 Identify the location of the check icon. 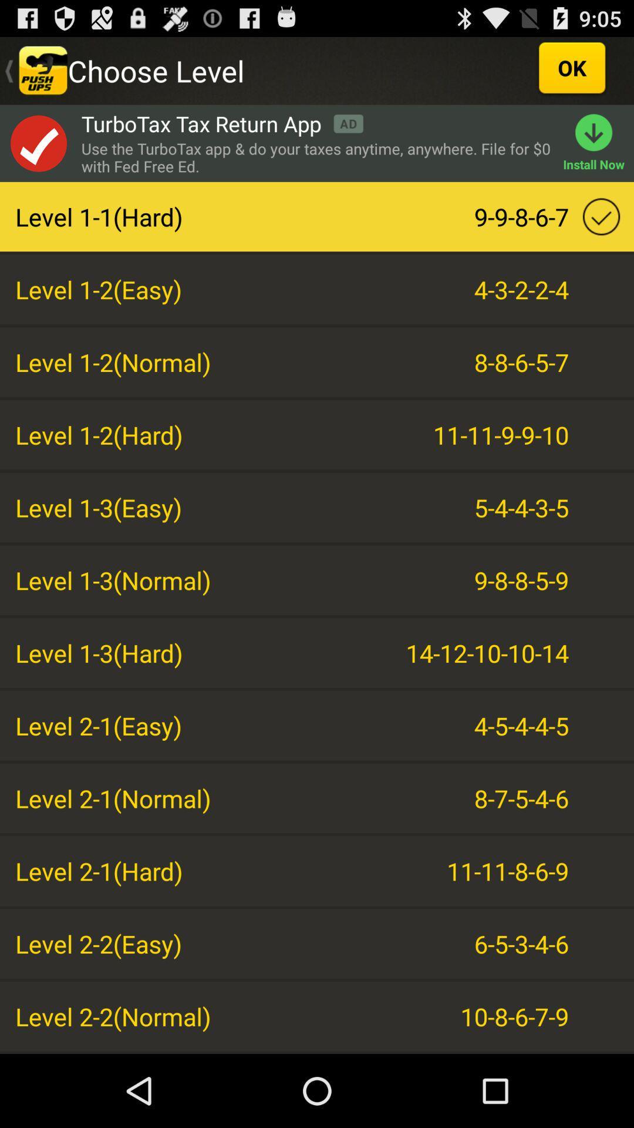
(38, 153).